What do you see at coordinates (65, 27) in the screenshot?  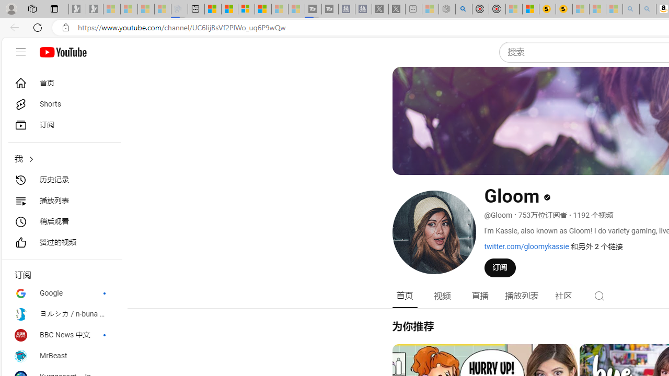 I see `'View site information'` at bounding box center [65, 27].